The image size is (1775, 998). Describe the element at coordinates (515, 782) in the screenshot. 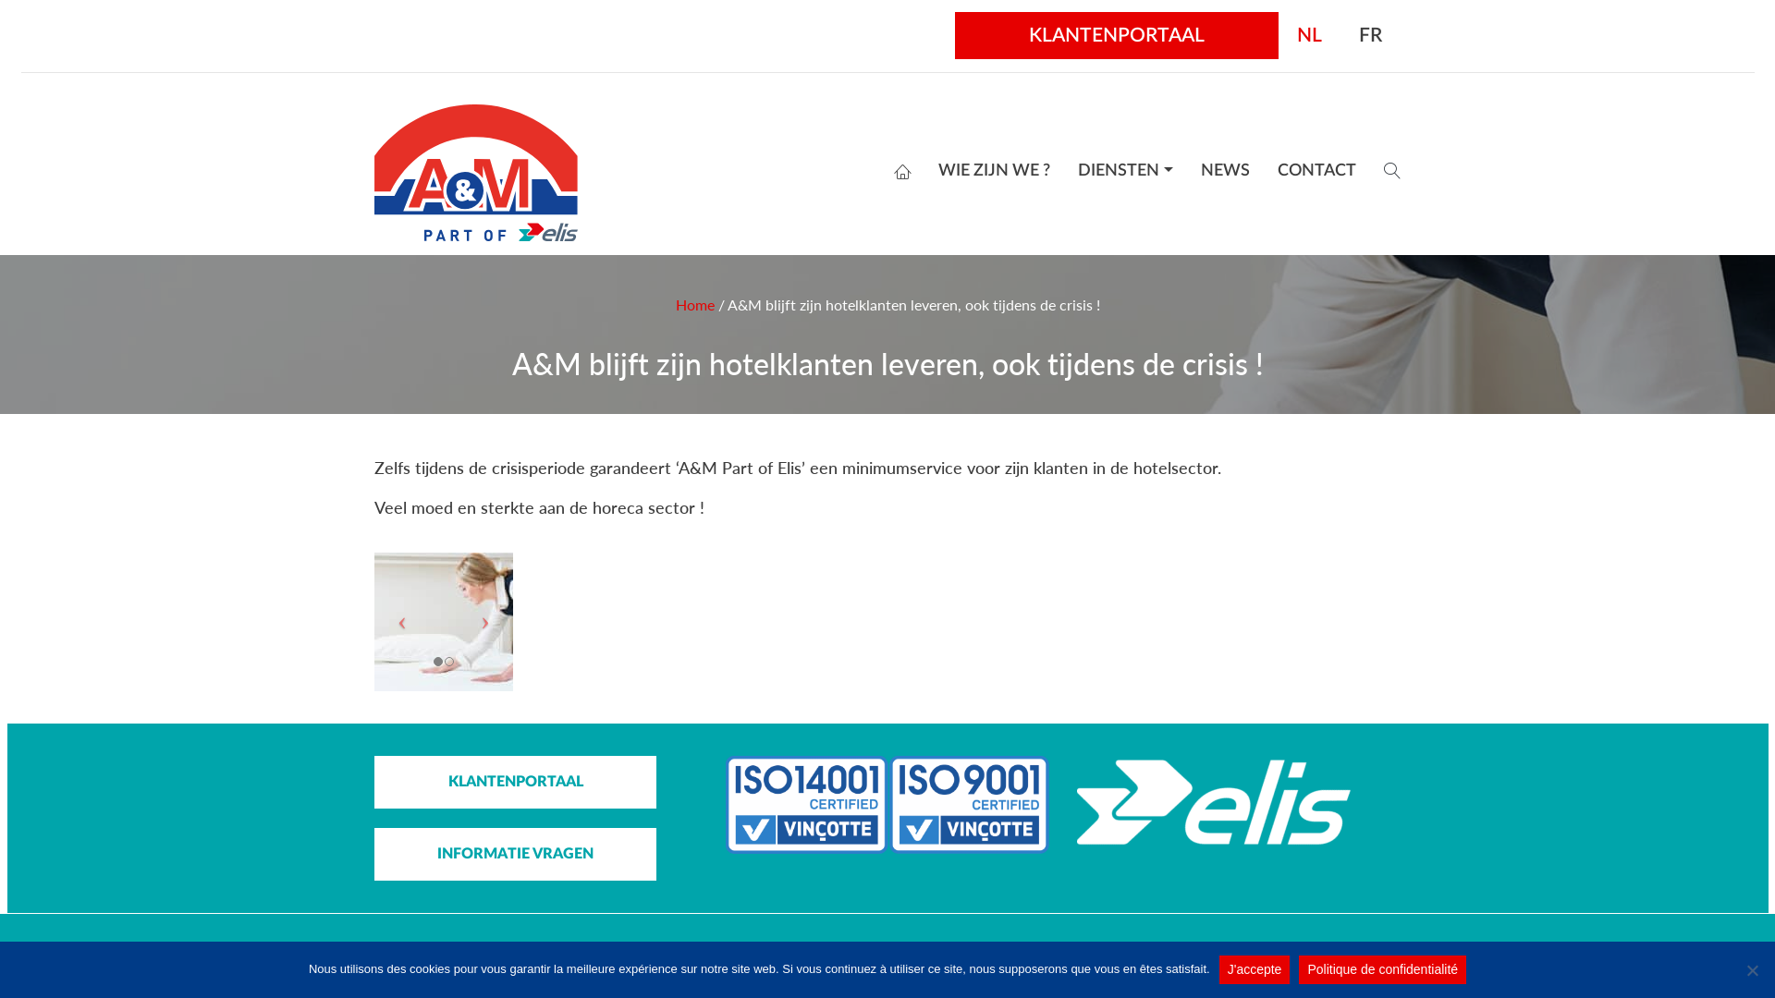

I see `'KLANTENPORTAAL'` at that location.